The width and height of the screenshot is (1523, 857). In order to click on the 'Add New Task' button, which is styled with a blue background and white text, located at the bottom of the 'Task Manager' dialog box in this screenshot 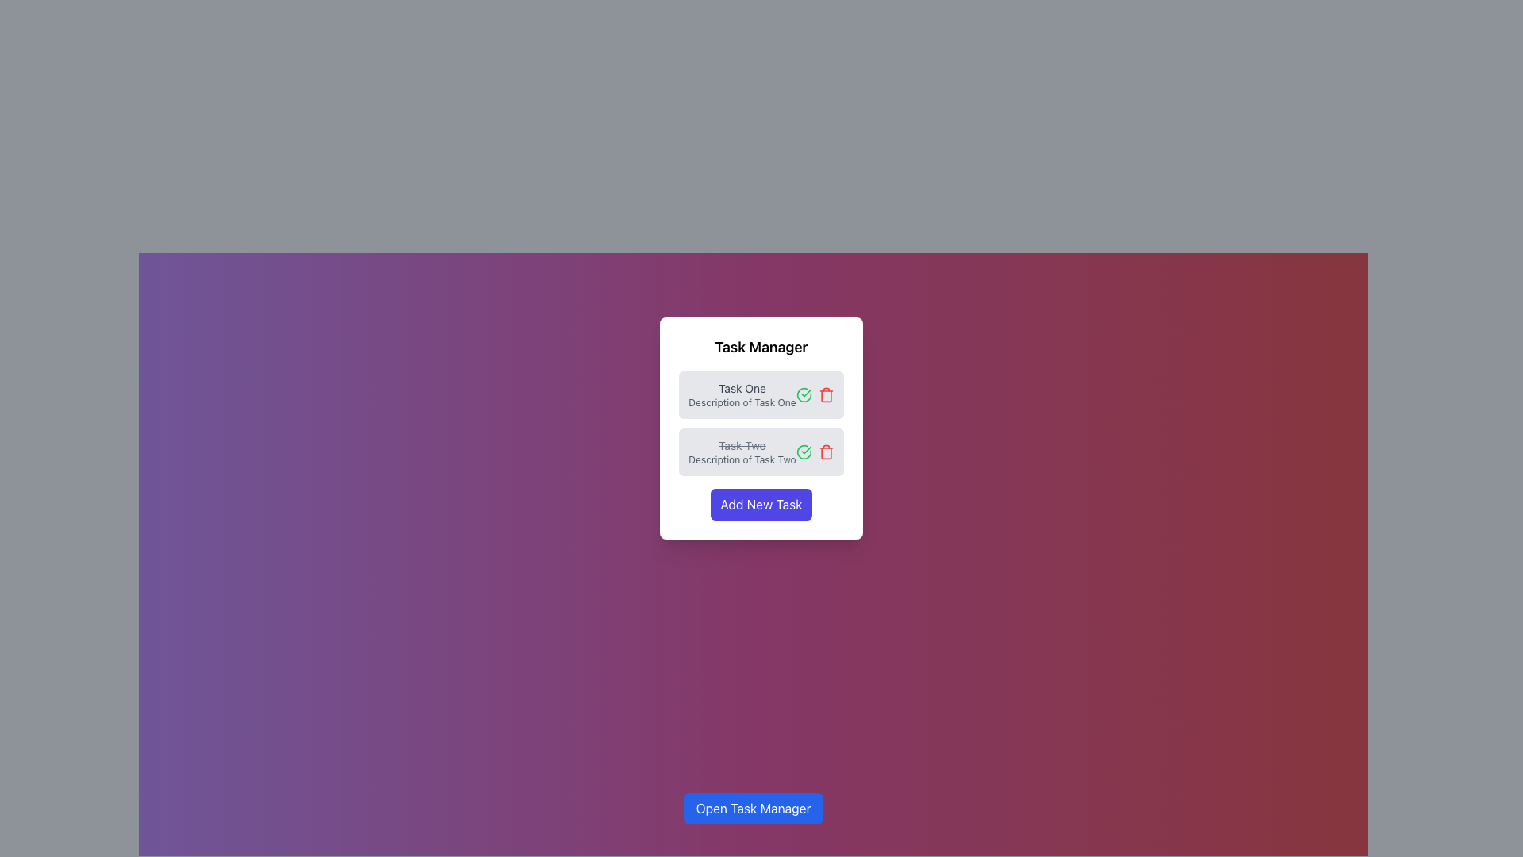, I will do `click(761, 505)`.